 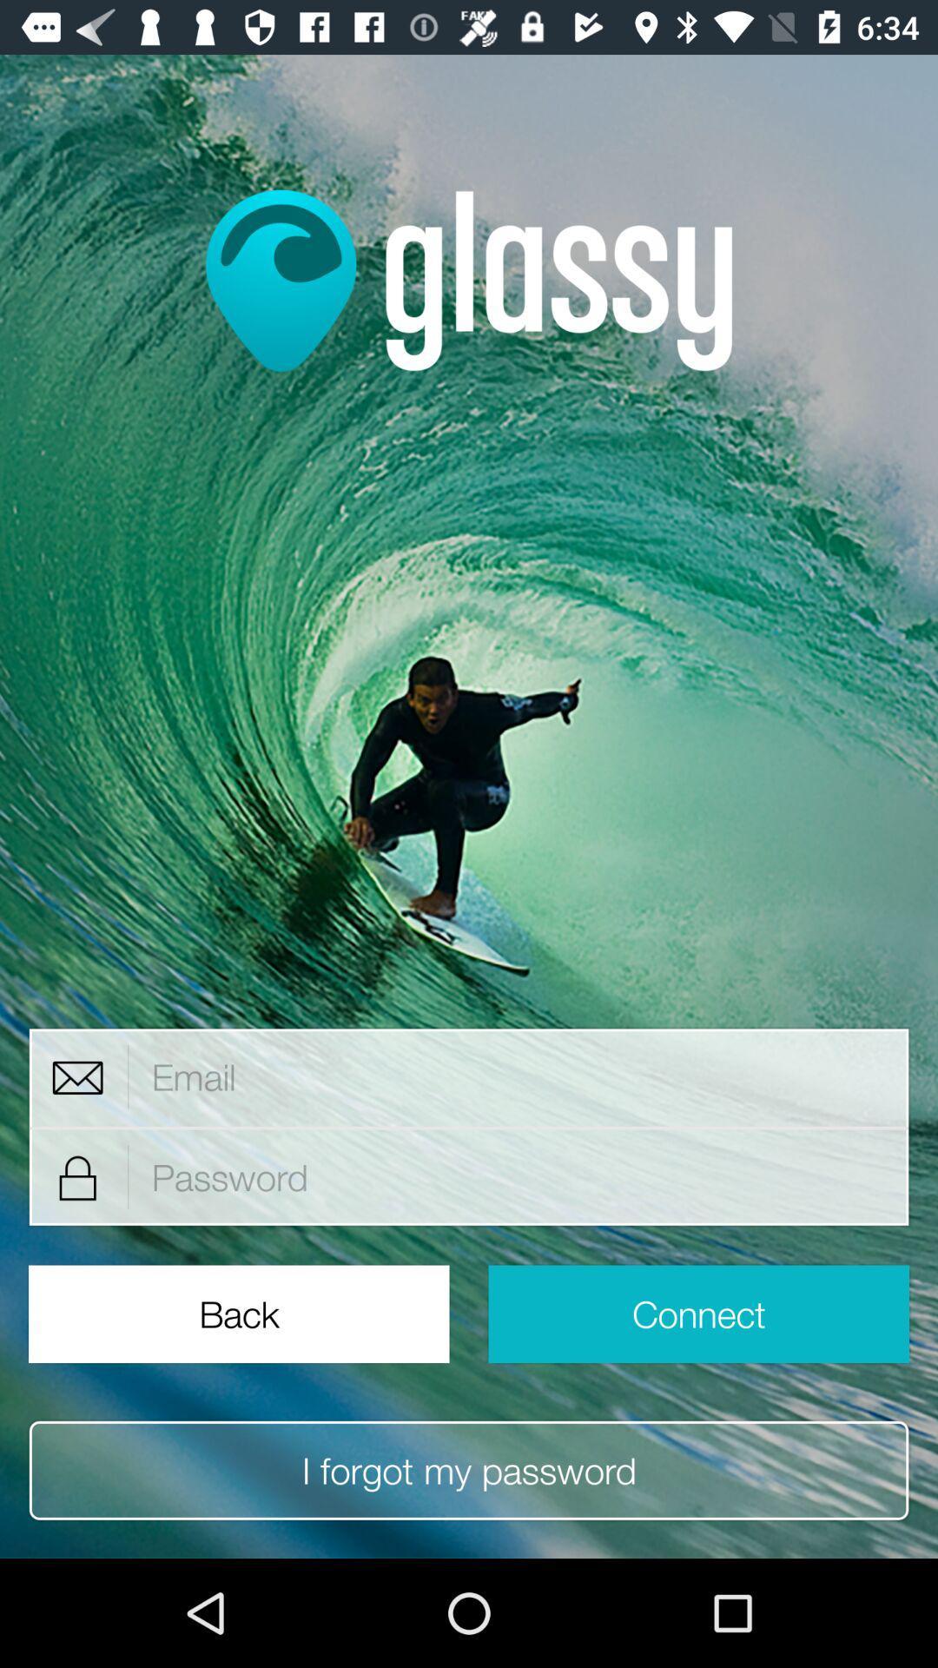 I want to click on connect item, so click(x=697, y=1314).